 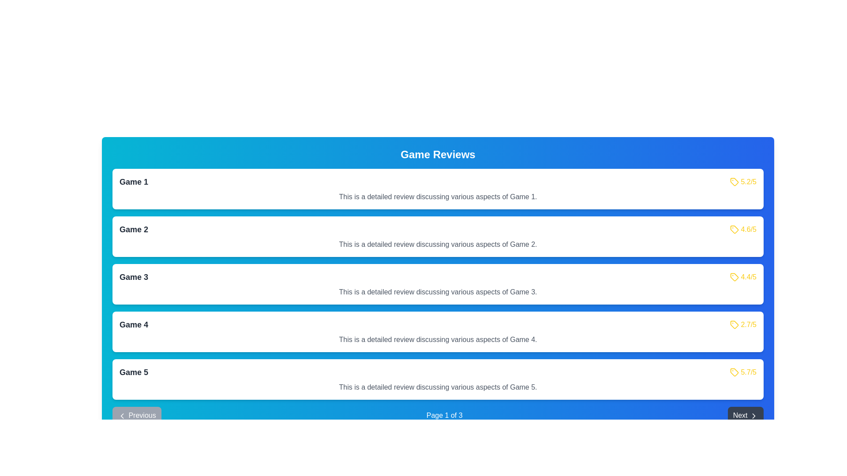 What do you see at coordinates (743, 181) in the screenshot?
I see `the Rating Display Component showing a rating value of '5.2/5' in bold yellow font, located on the far right within the first row of the list associated with 'Game 1'` at bounding box center [743, 181].